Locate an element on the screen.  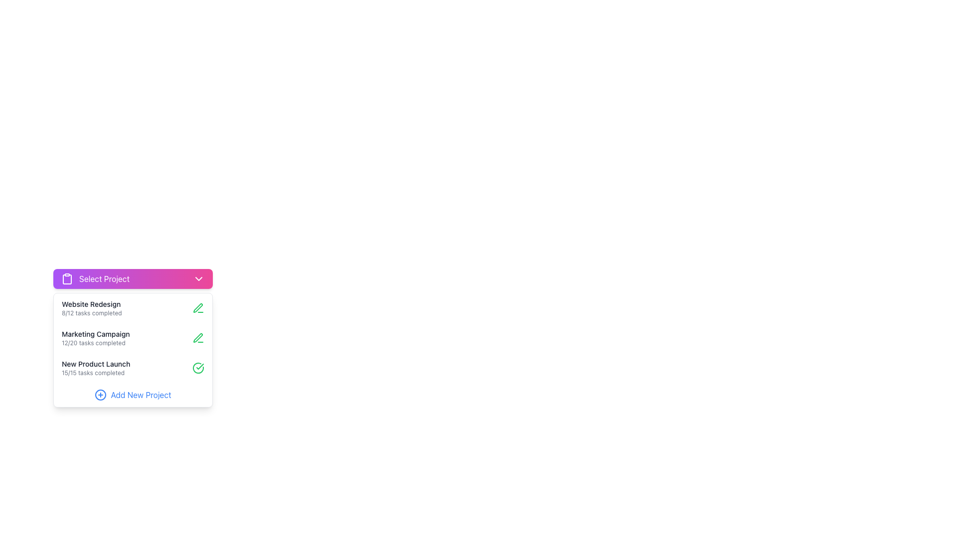
the status indicated by the completion icon located at the bottom of the dropdown panel under the 'New Product Launch' section, aligned to the right end of this entry is located at coordinates (198, 368).